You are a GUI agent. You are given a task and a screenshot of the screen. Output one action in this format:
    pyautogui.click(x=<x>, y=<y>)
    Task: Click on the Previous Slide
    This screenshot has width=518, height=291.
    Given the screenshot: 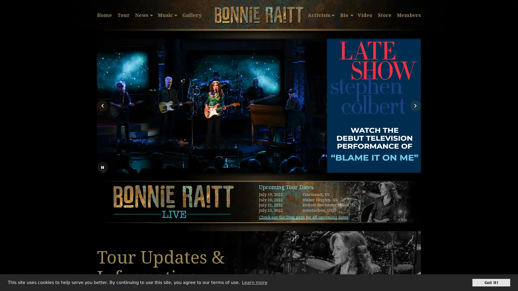 What is the action you would take?
    pyautogui.click(x=102, y=106)
    